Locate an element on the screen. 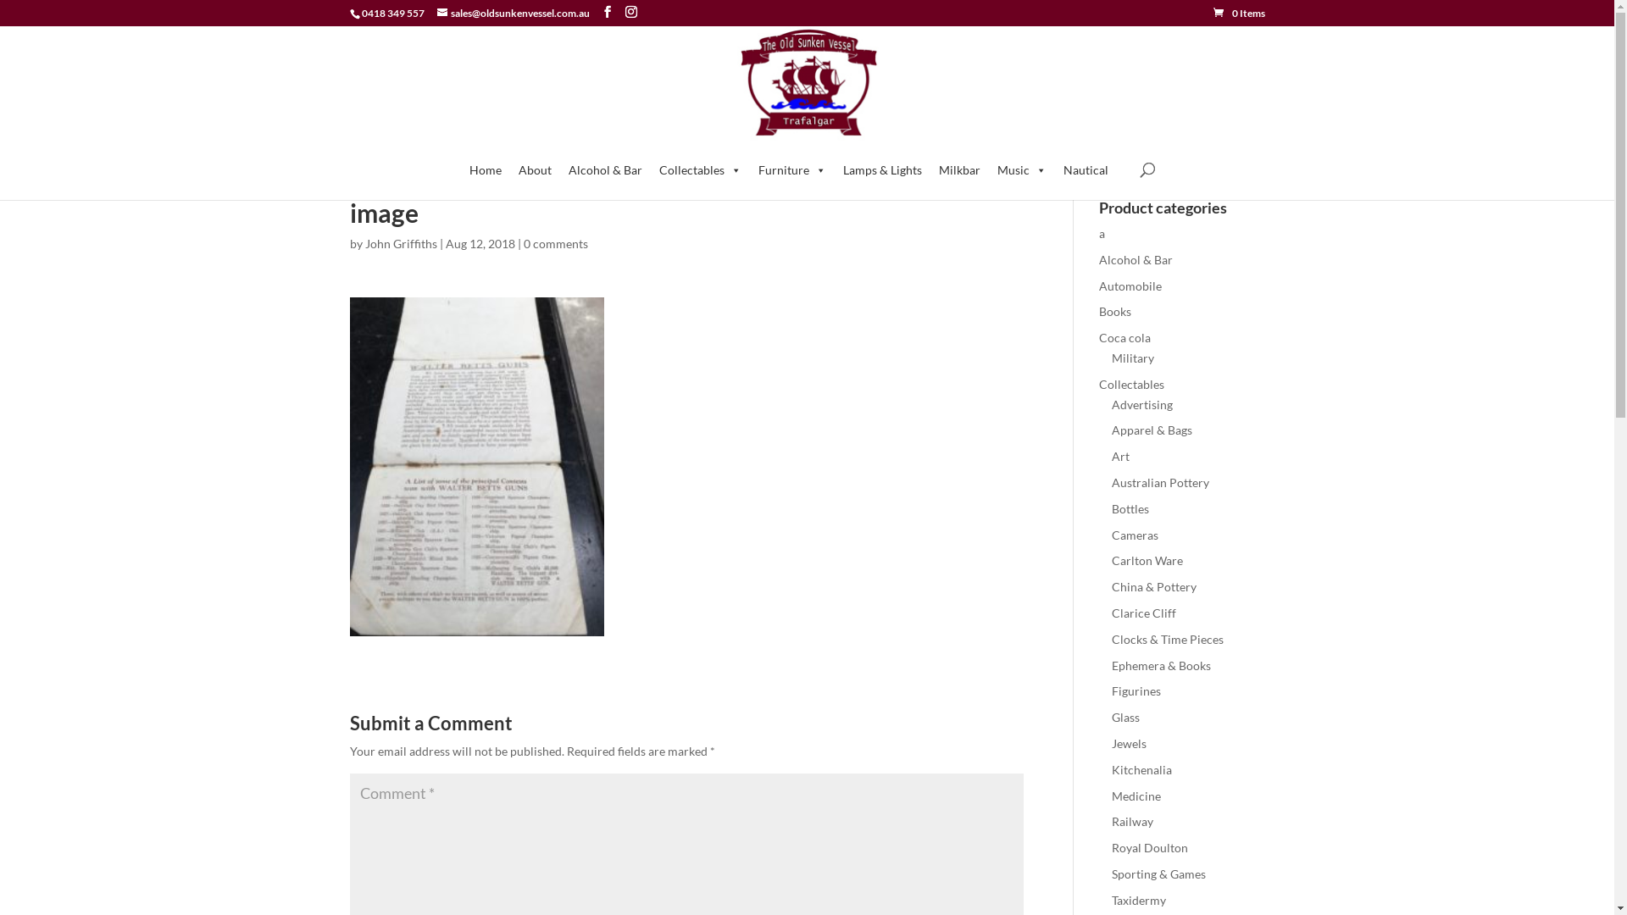  'Carlton Ware' is located at coordinates (1111, 560).